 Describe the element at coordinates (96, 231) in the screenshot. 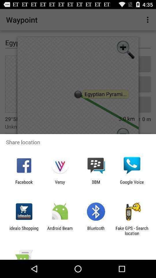

I see `bluetooth icon` at that location.